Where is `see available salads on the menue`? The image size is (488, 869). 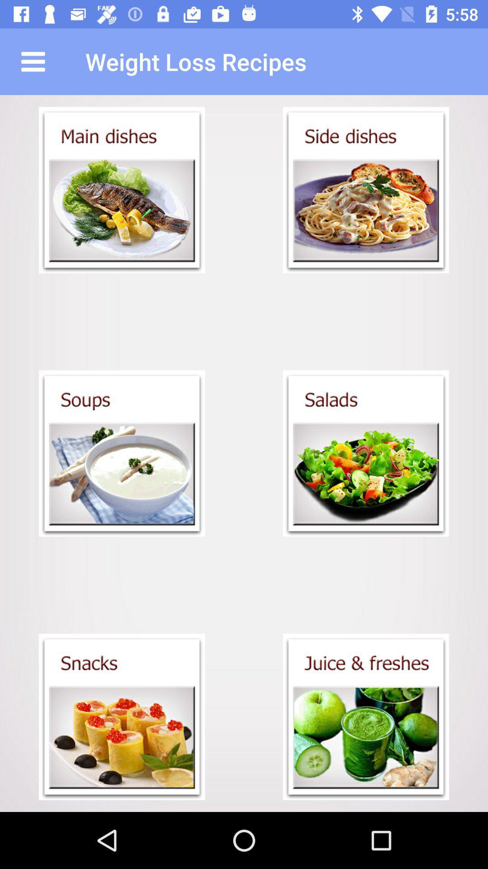 see available salads on the menue is located at coordinates (366, 454).